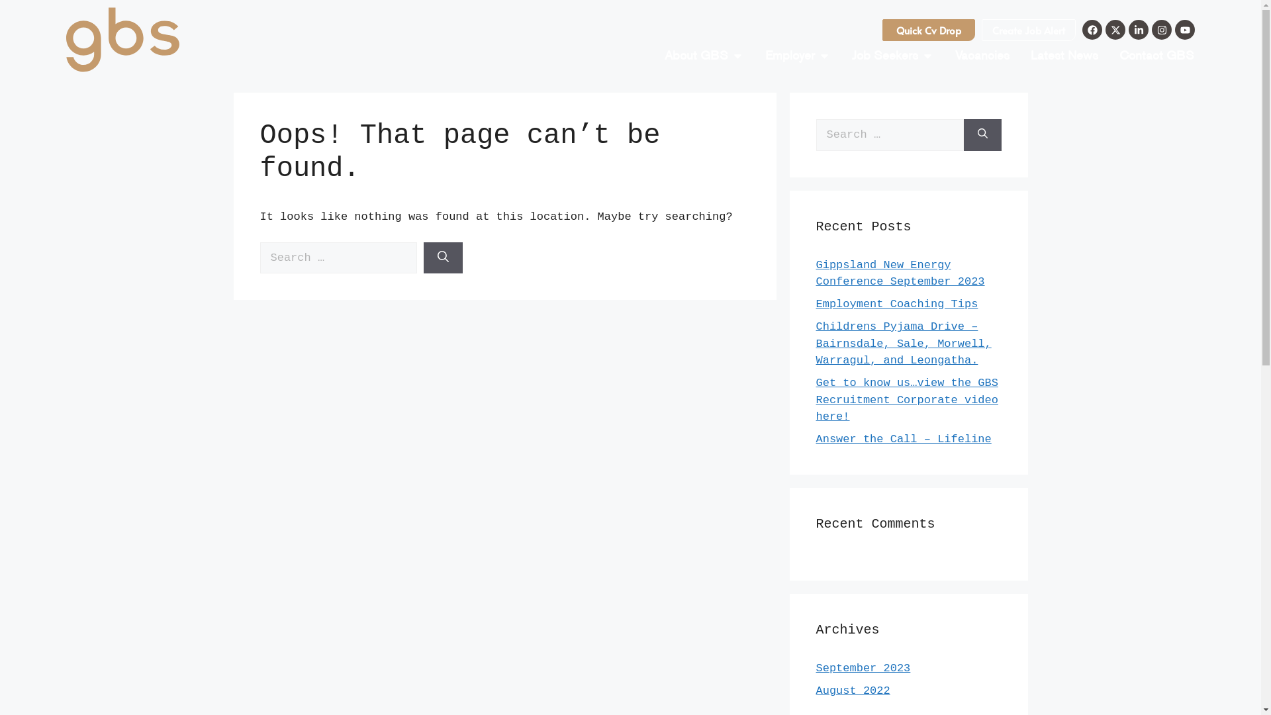  What do you see at coordinates (765, 55) in the screenshot?
I see `'Employer'` at bounding box center [765, 55].